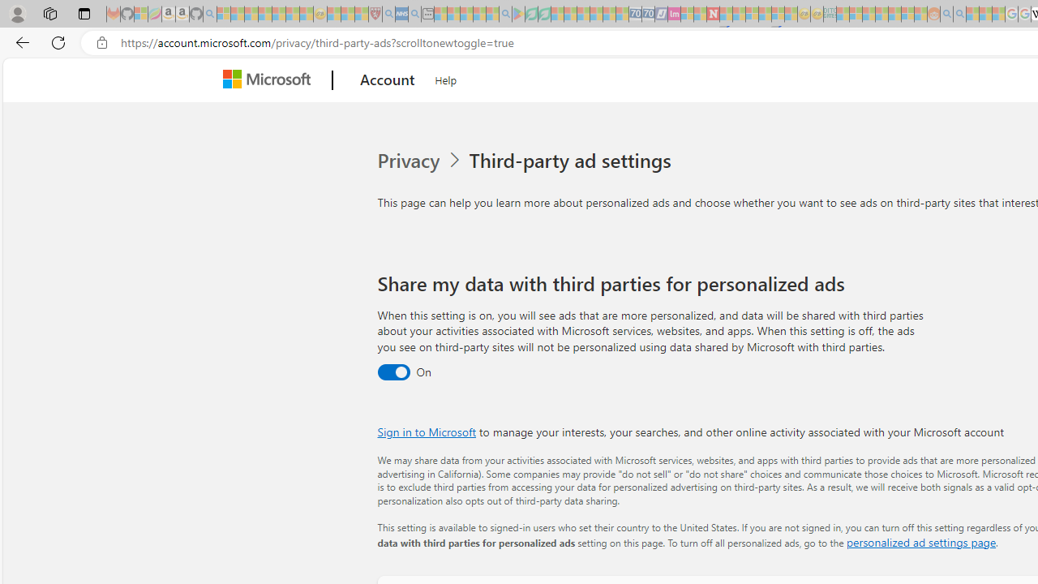 The height and width of the screenshot is (584, 1038). I want to click on 'Expert Portfolios - Sleeping', so click(881, 14).